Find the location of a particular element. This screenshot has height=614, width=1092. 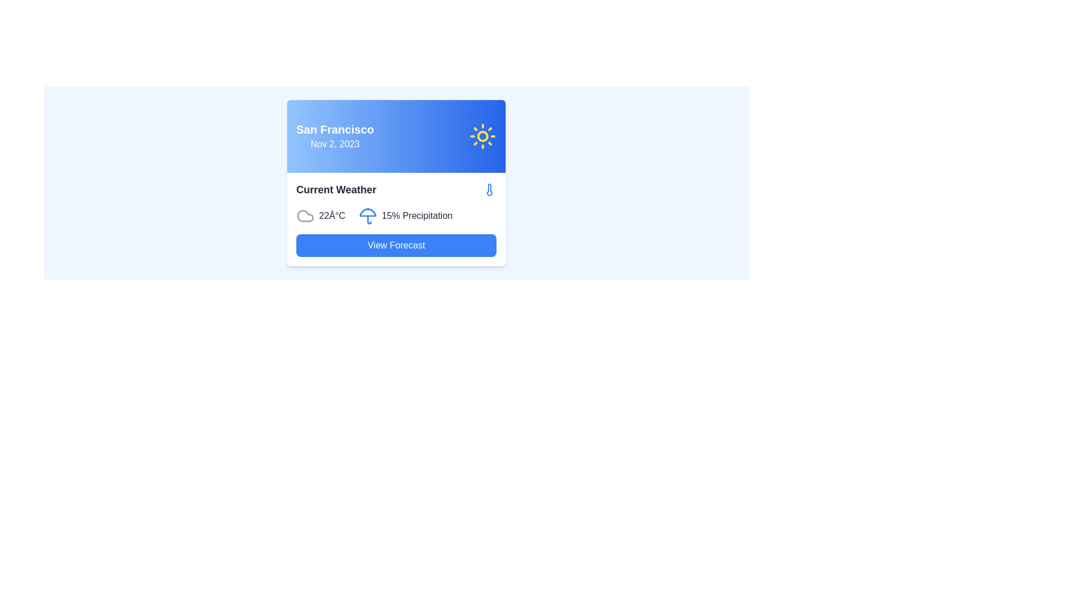

section headline text 'Current Weather' located below the title 'San Francisco Nov 2, 2023' in the top-middle section of the card component is located at coordinates (336, 189).